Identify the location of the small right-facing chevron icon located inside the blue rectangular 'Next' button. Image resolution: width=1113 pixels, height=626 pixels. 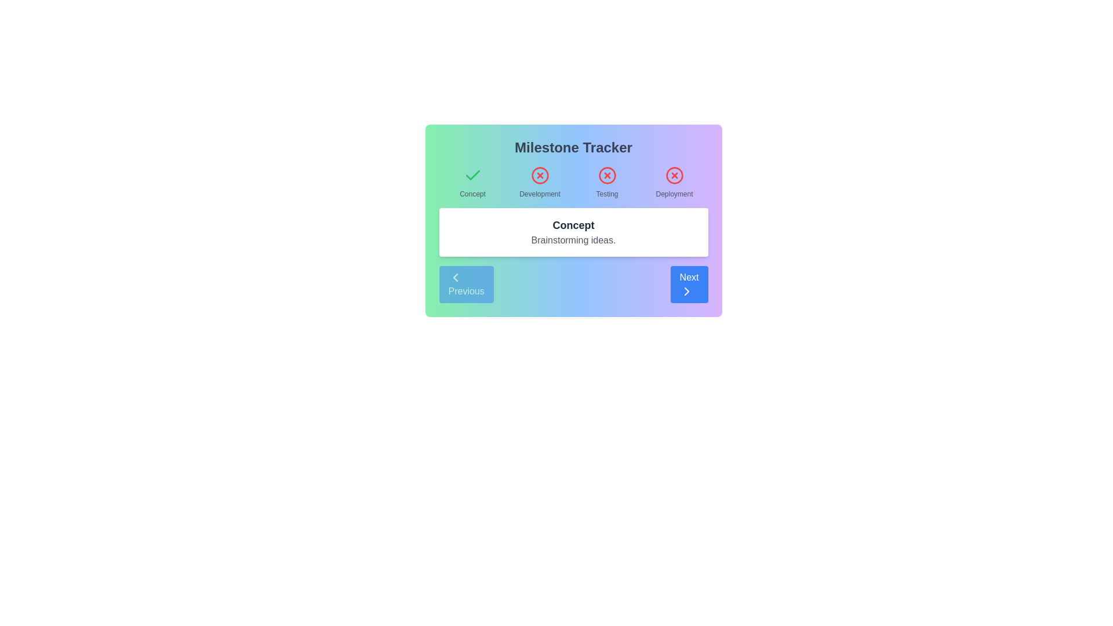
(686, 290).